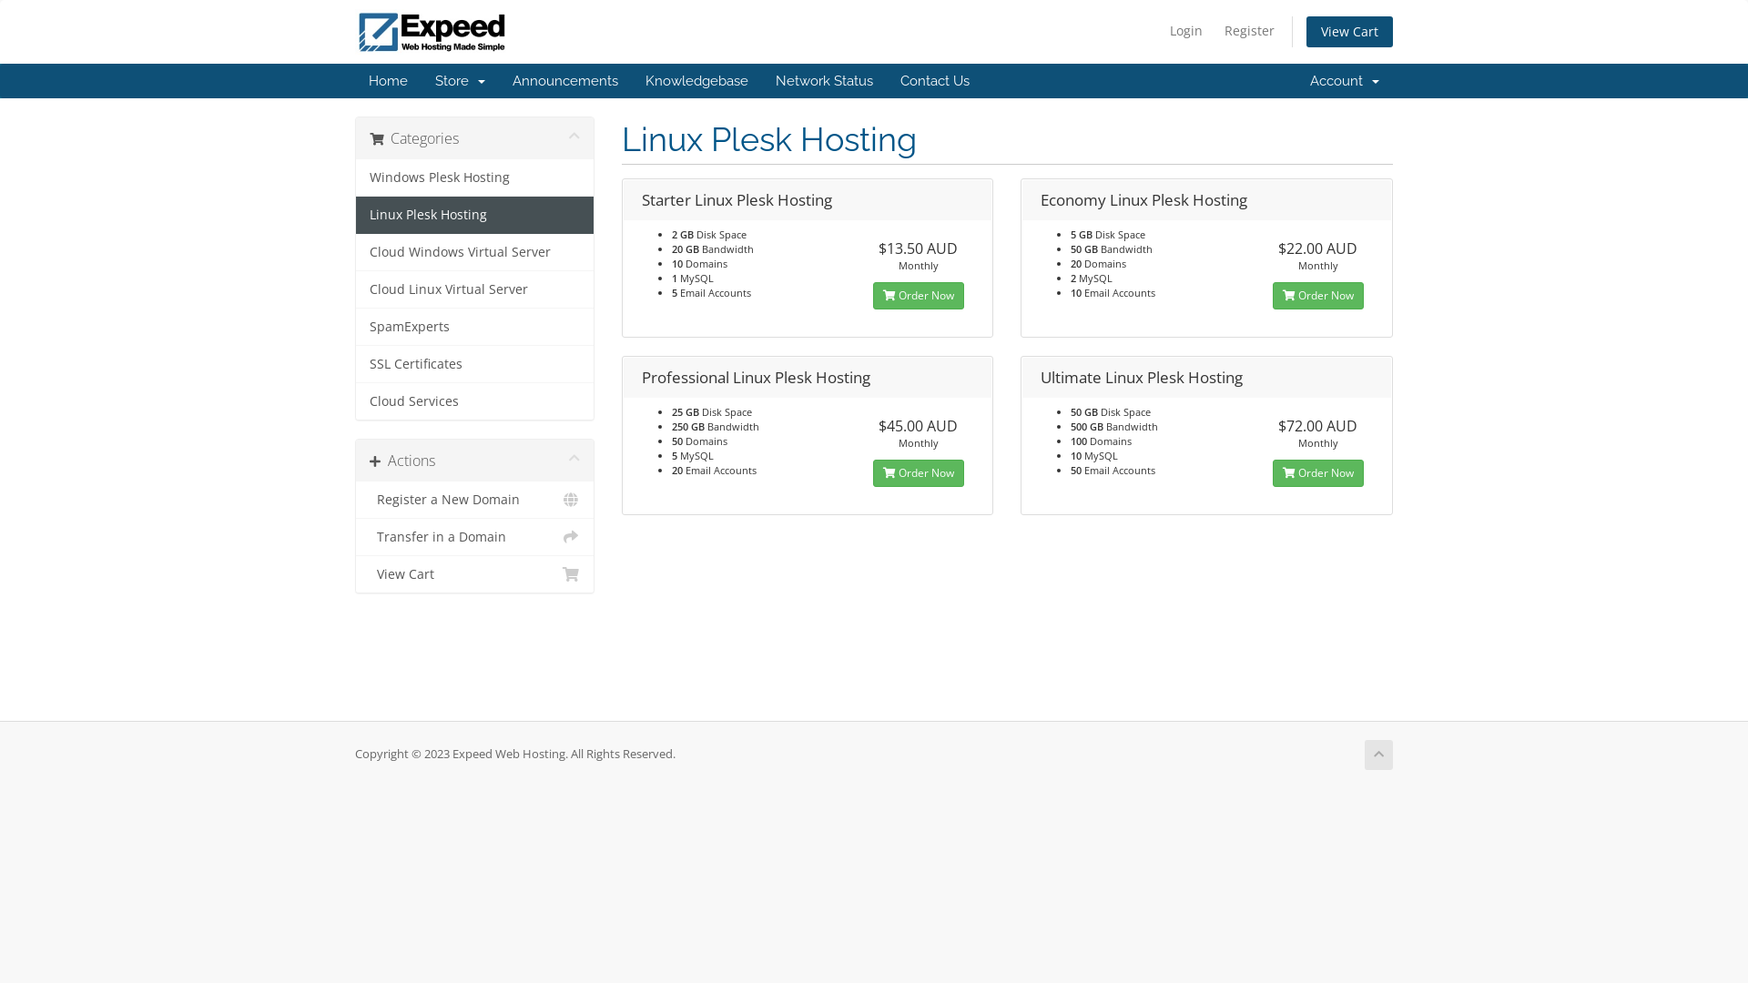  Describe the element at coordinates (1345, 79) in the screenshot. I see `'Account  '` at that location.